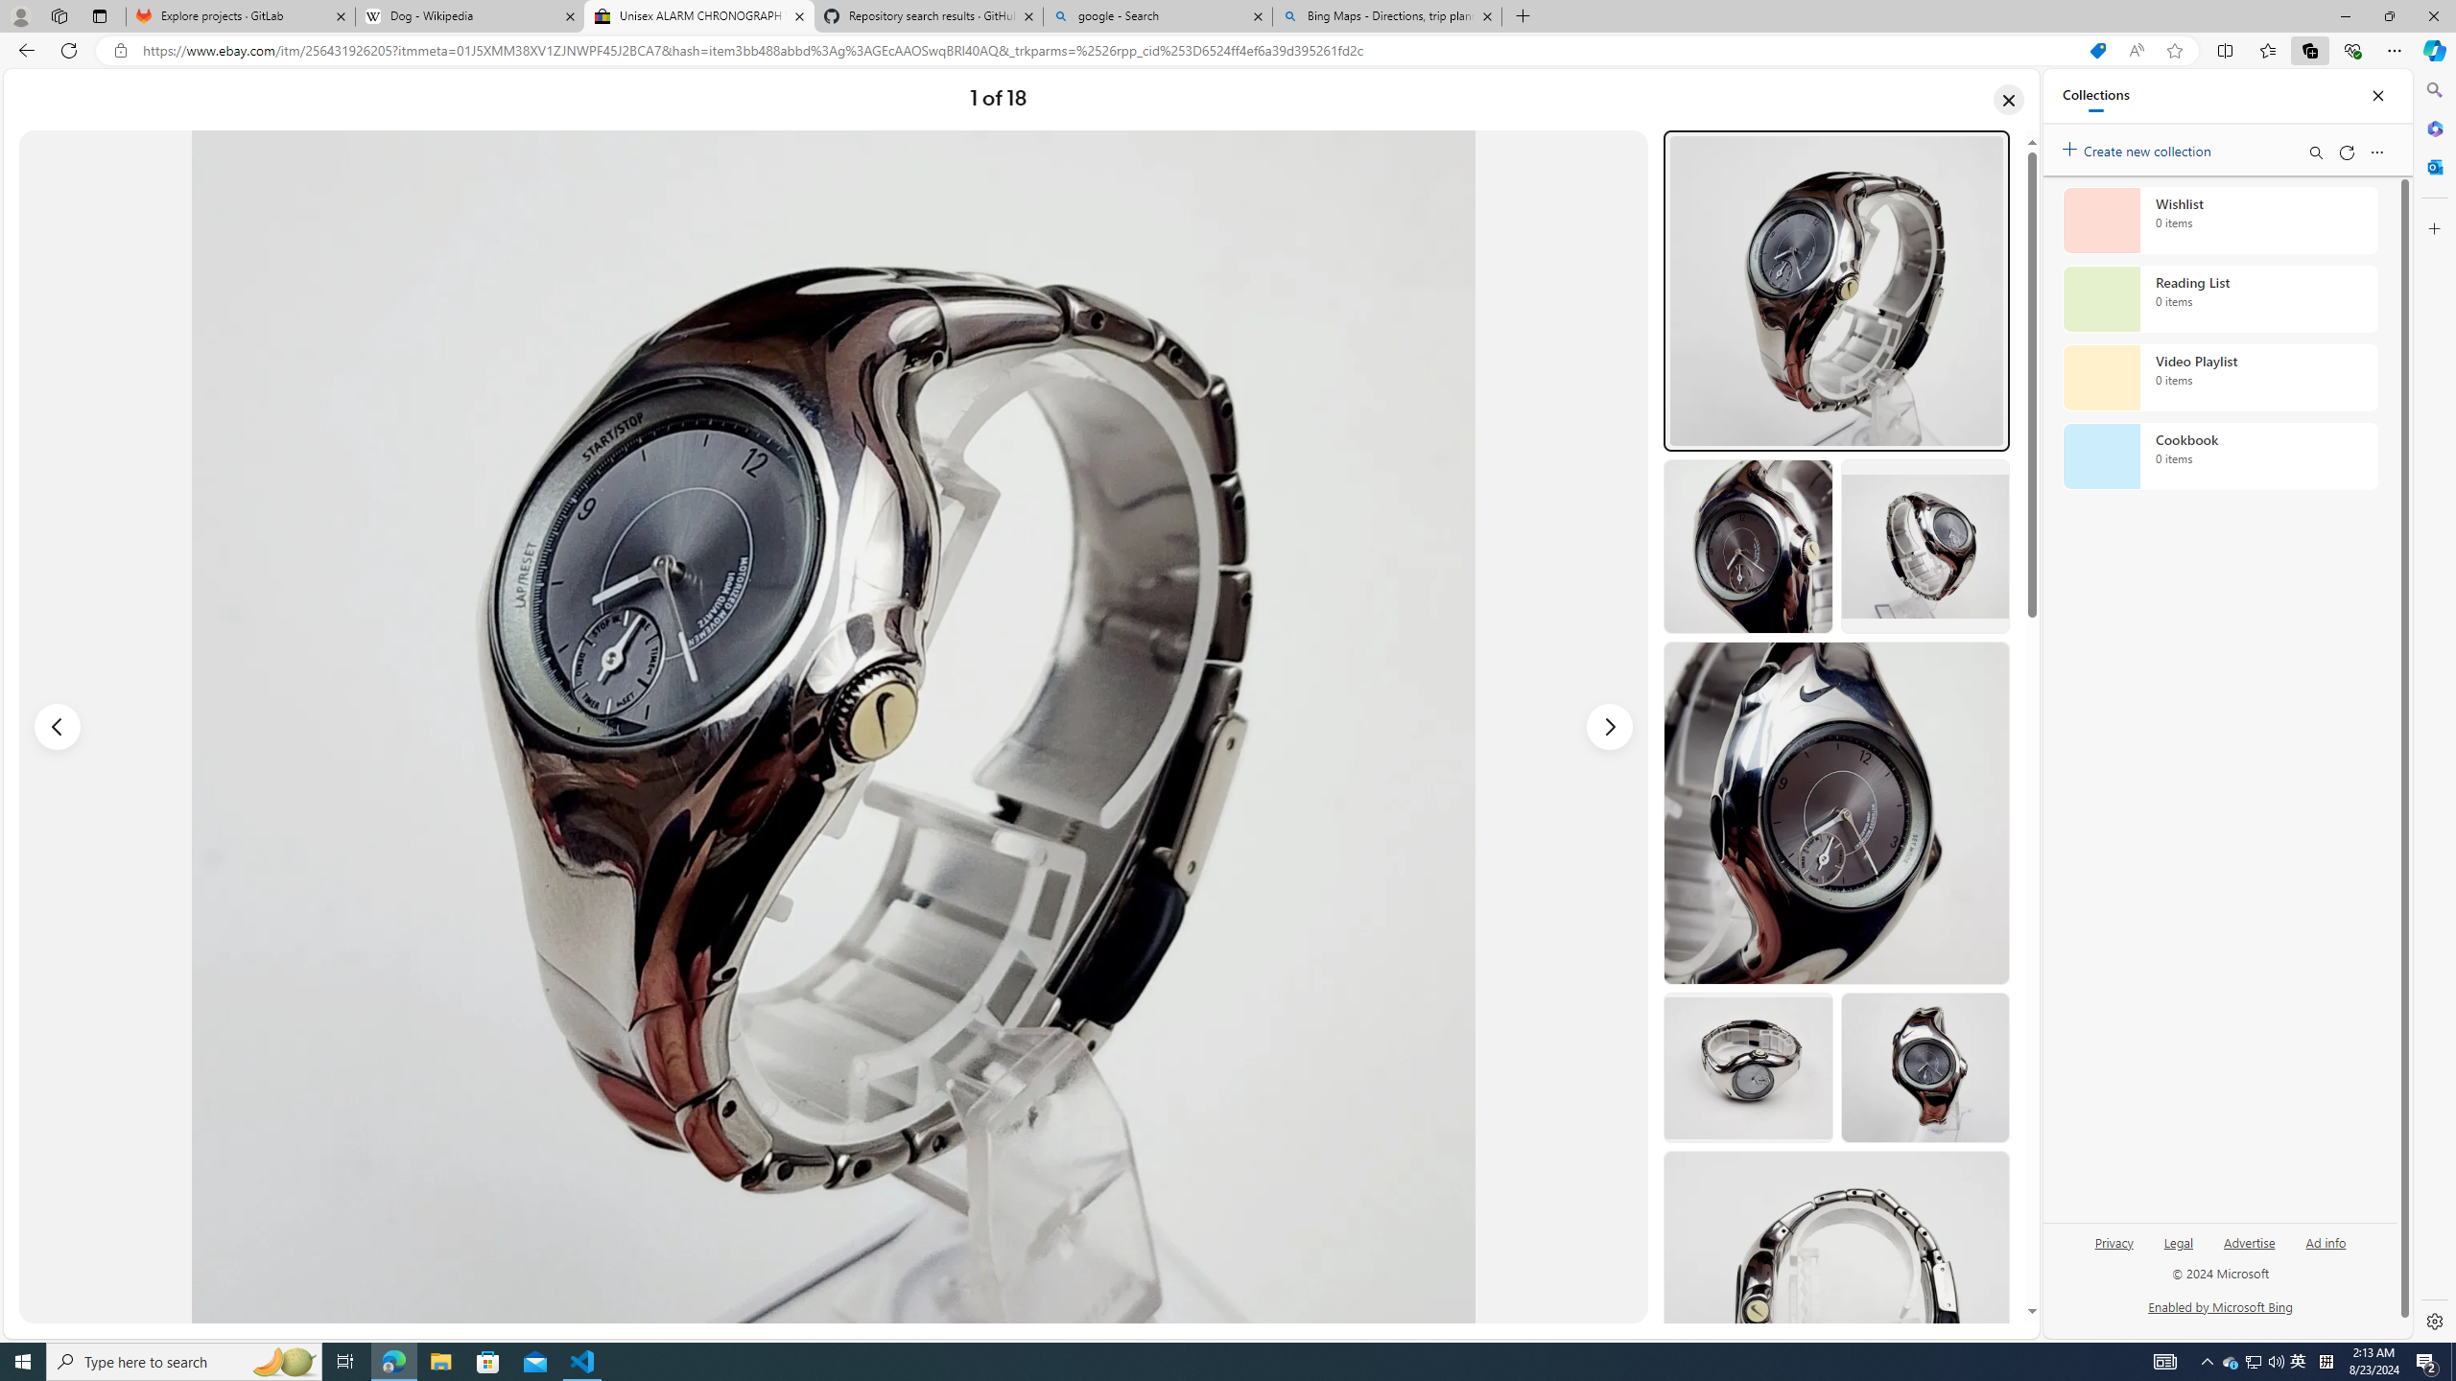  Describe the element at coordinates (2220, 297) in the screenshot. I see `'Reading List collection, 0 items'` at that location.